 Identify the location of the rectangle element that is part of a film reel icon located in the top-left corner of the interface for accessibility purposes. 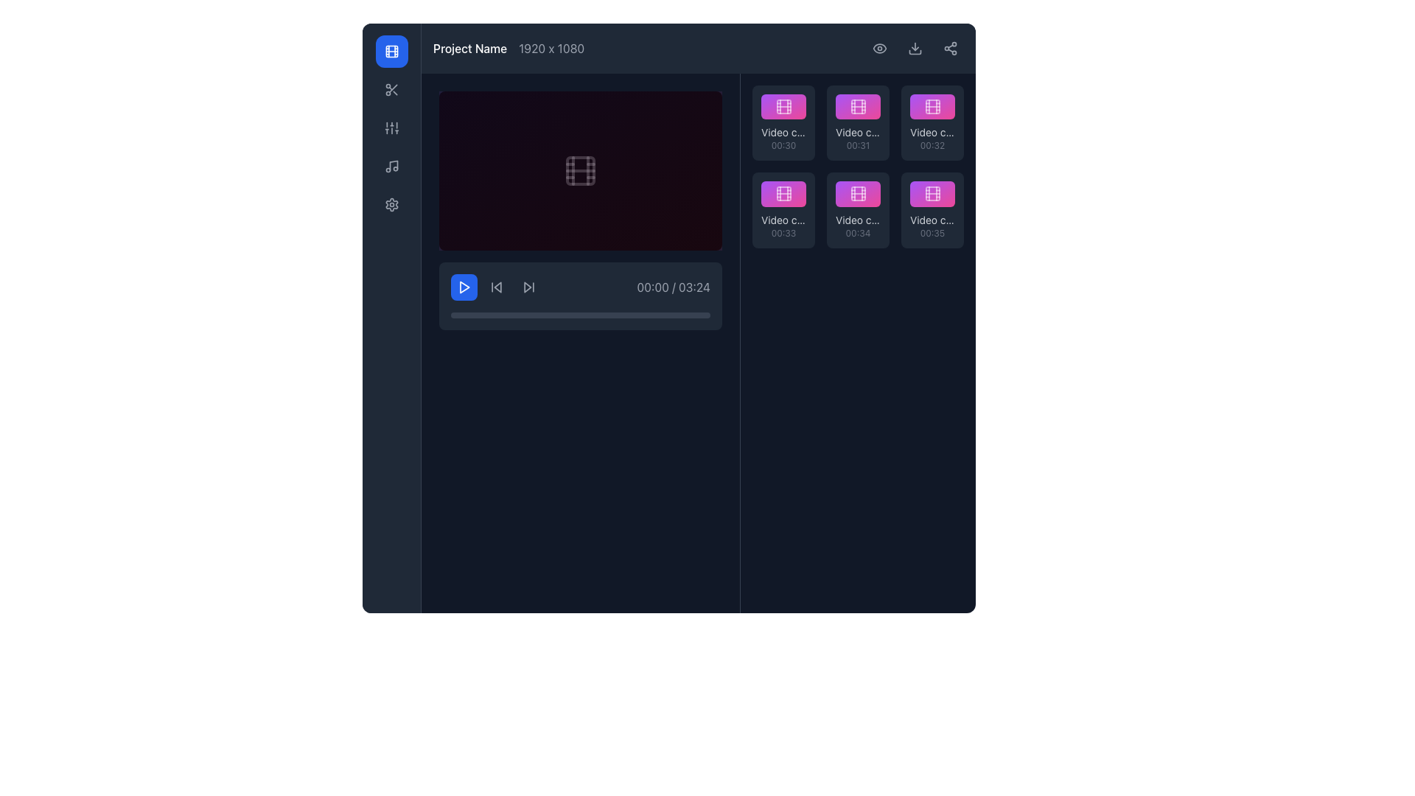
(391, 50).